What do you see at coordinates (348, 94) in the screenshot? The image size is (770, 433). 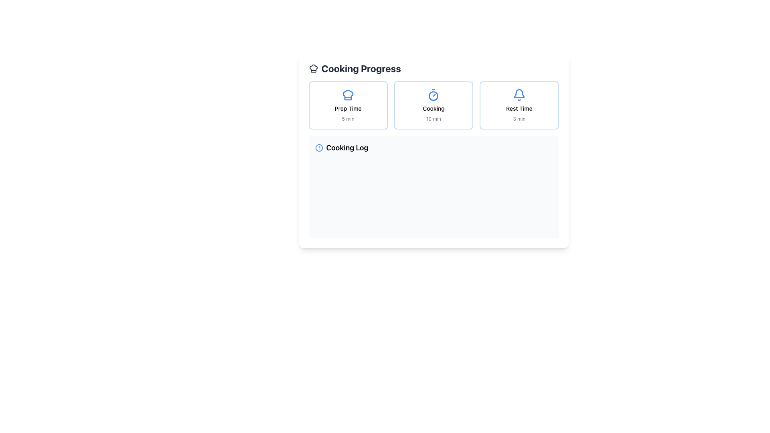 I see `the chef's hat icon located at the top left of the cooking progress section, to the left of the 'Cooking Progress' title` at bounding box center [348, 94].